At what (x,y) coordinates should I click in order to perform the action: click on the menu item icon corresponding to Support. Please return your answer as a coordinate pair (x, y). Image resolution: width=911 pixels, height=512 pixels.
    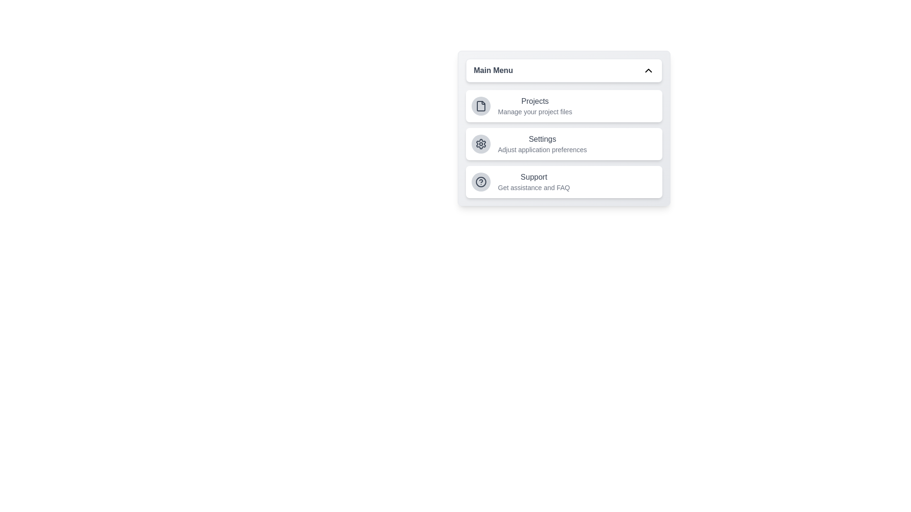
    Looking at the image, I should click on (481, 182).